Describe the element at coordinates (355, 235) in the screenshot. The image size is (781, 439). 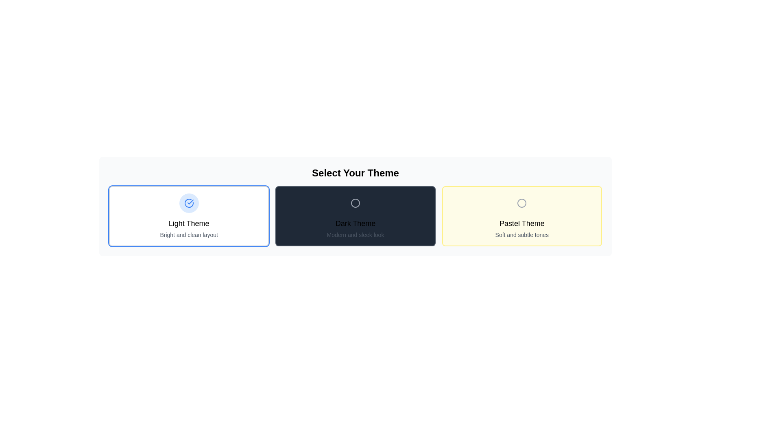
I see `the Text Label that provides supplementary information for the 'Dark Theme' selection option, located at the bottom-center of the corresponding card` at that location.